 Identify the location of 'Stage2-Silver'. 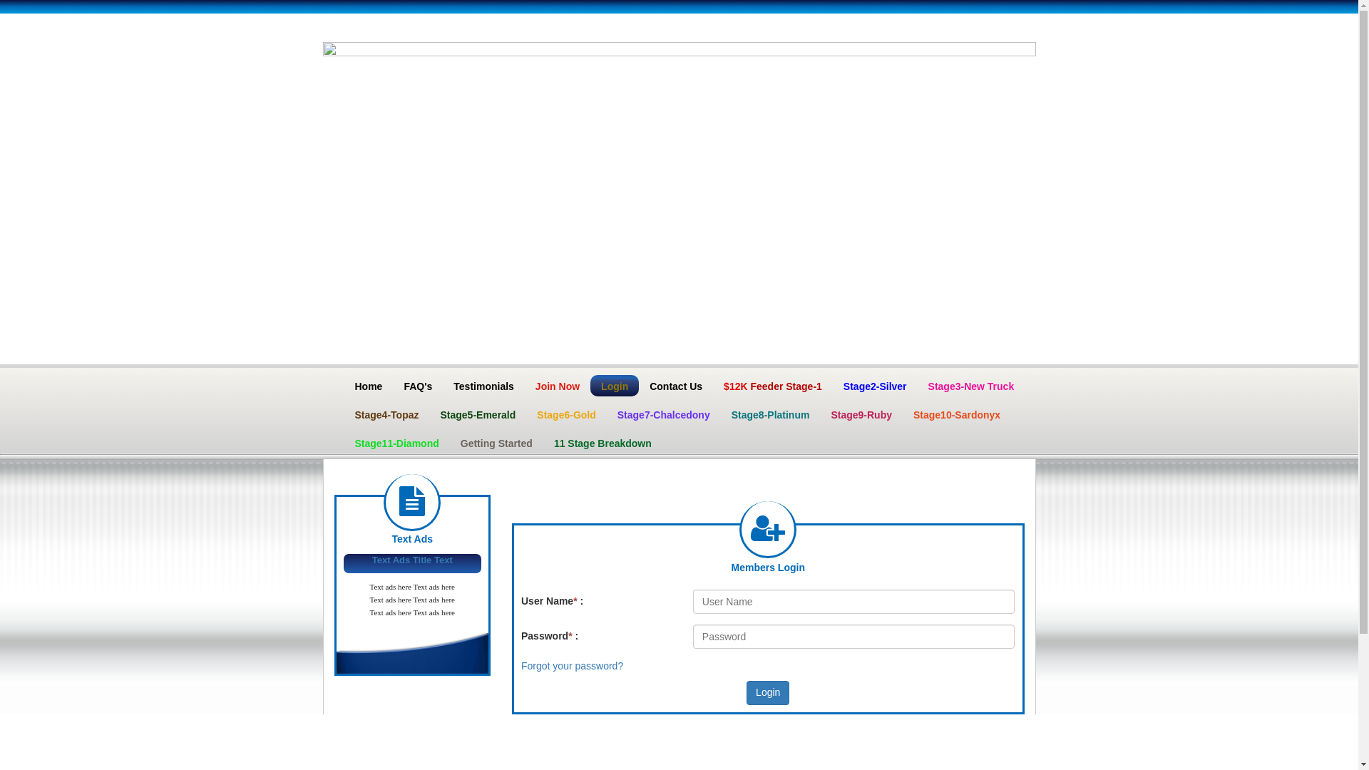
(832, 385).